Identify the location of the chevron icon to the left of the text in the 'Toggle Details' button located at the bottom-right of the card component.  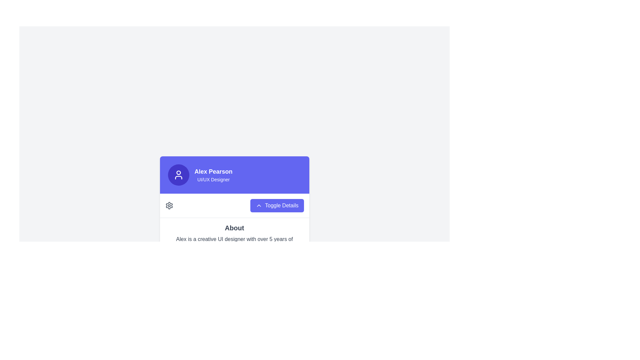
(259, 205).